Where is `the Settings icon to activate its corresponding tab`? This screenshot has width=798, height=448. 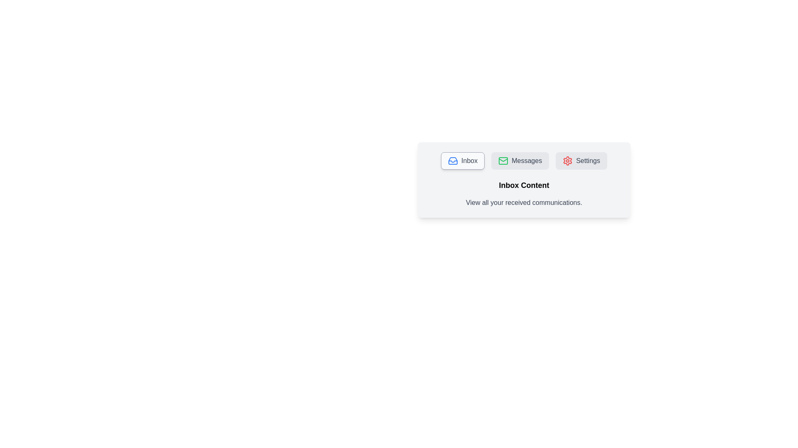 the Settings icon to activate its corresponding tab is located at coordinates (567, 161).